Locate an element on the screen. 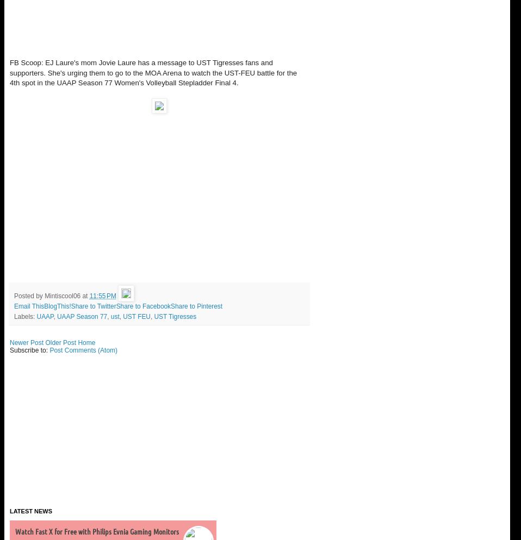 The width and height of the screenshot is (521, 540). 'Mintiscool06' is located at coordinates (62, 296).